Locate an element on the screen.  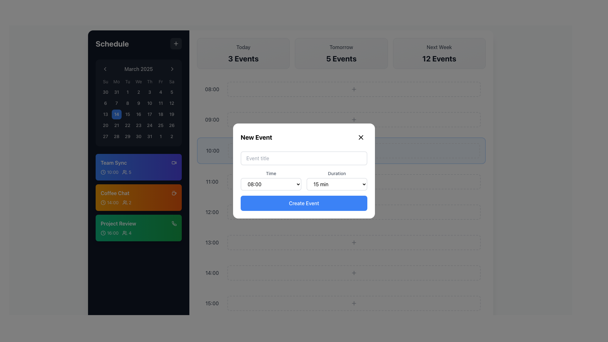
the square-shaped button labeled '18' in the calendar grid is located at coordinates (161, 114).